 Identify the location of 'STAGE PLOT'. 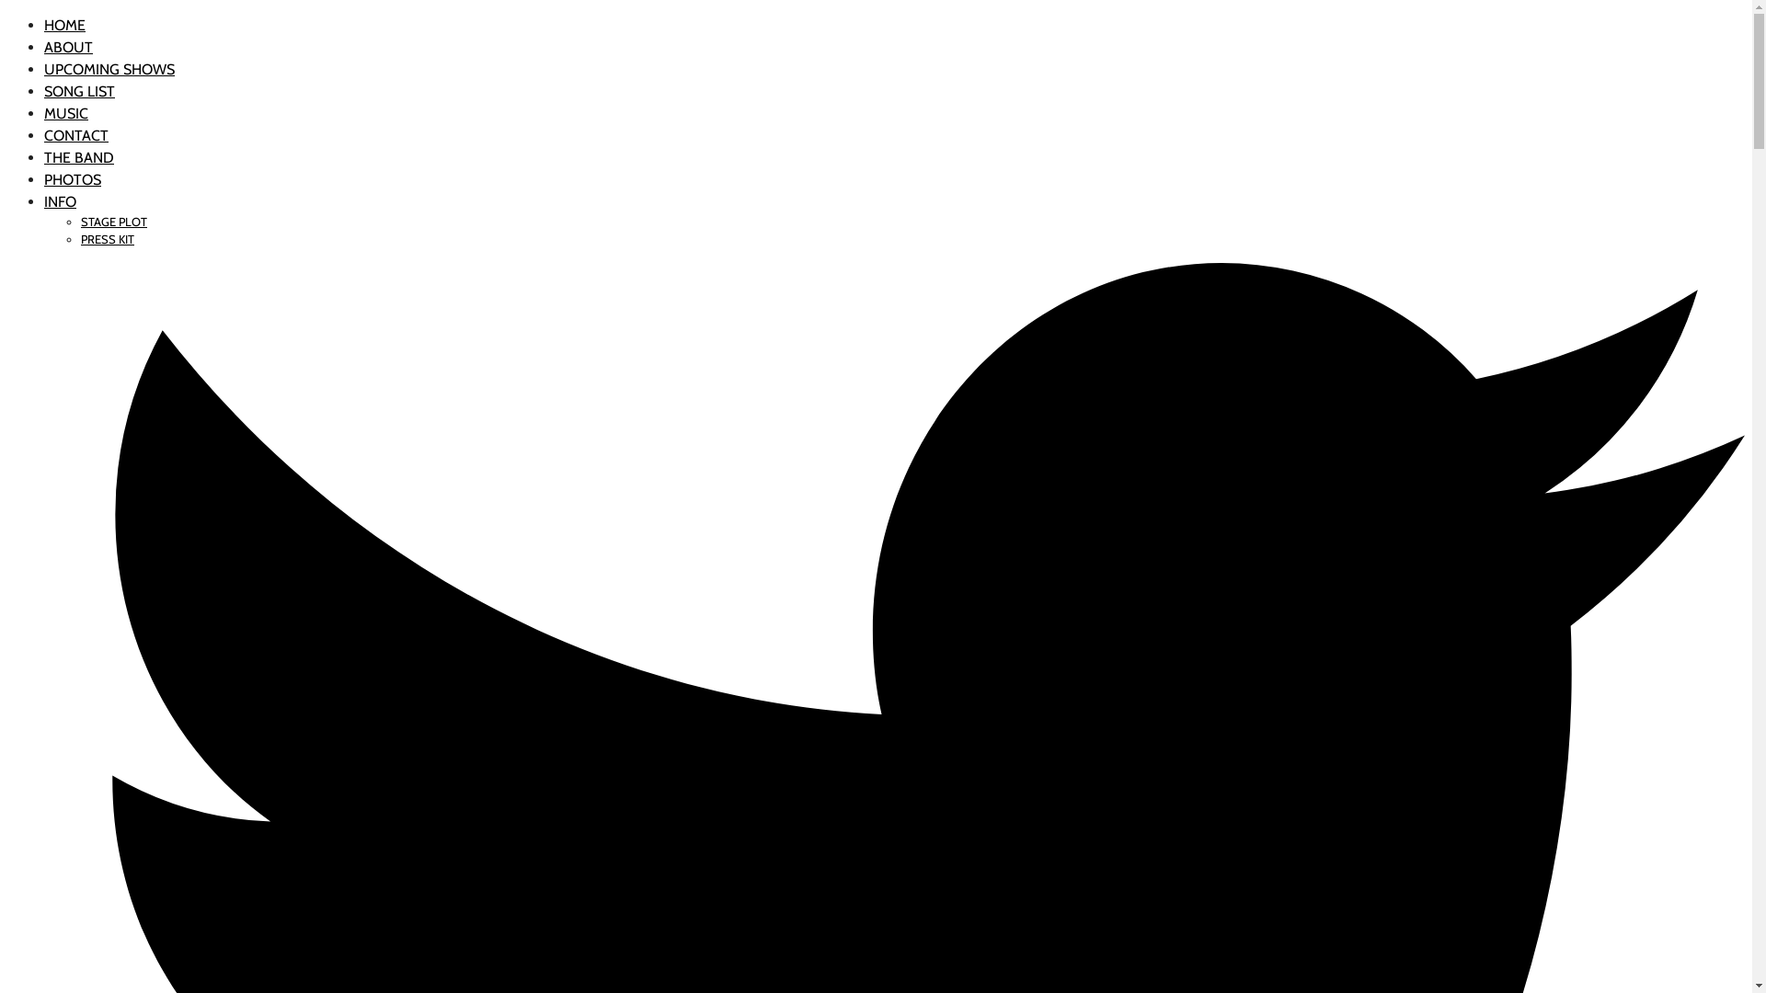
(113, 221).